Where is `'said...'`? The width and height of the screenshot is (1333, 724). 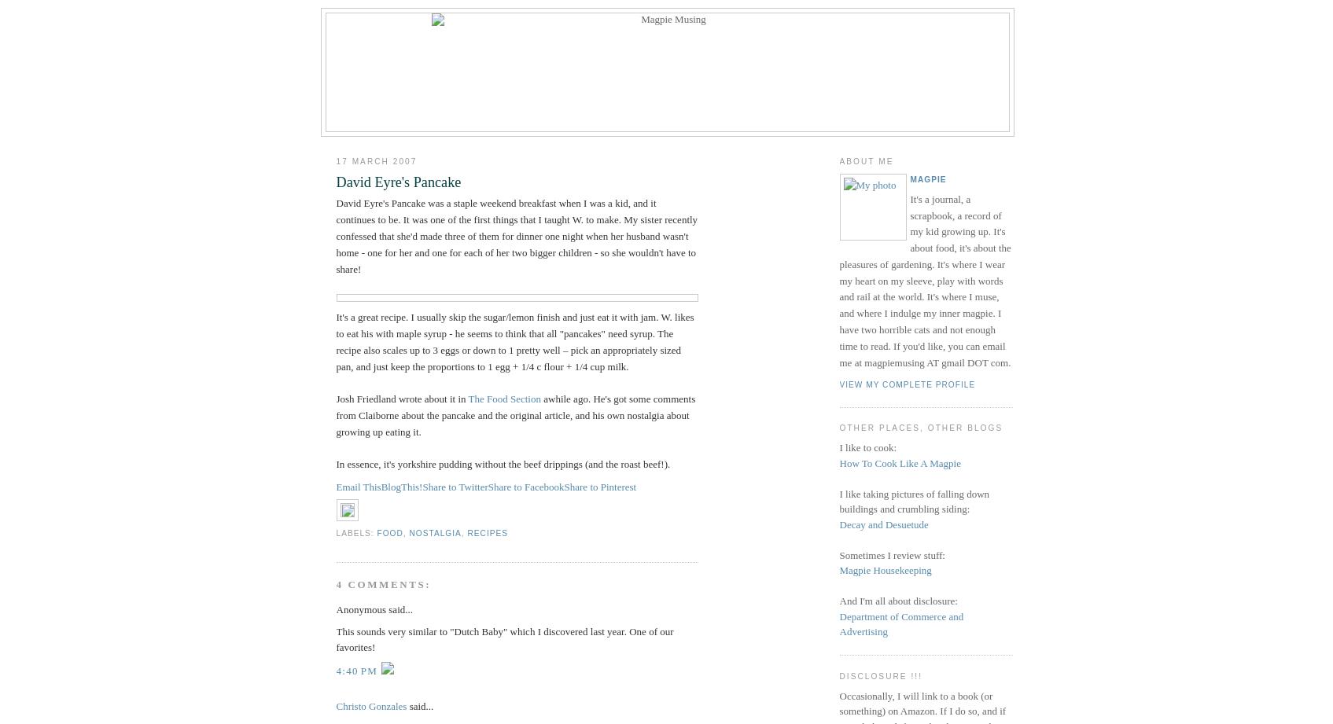 'said...' is located at coordinates (405, 704).